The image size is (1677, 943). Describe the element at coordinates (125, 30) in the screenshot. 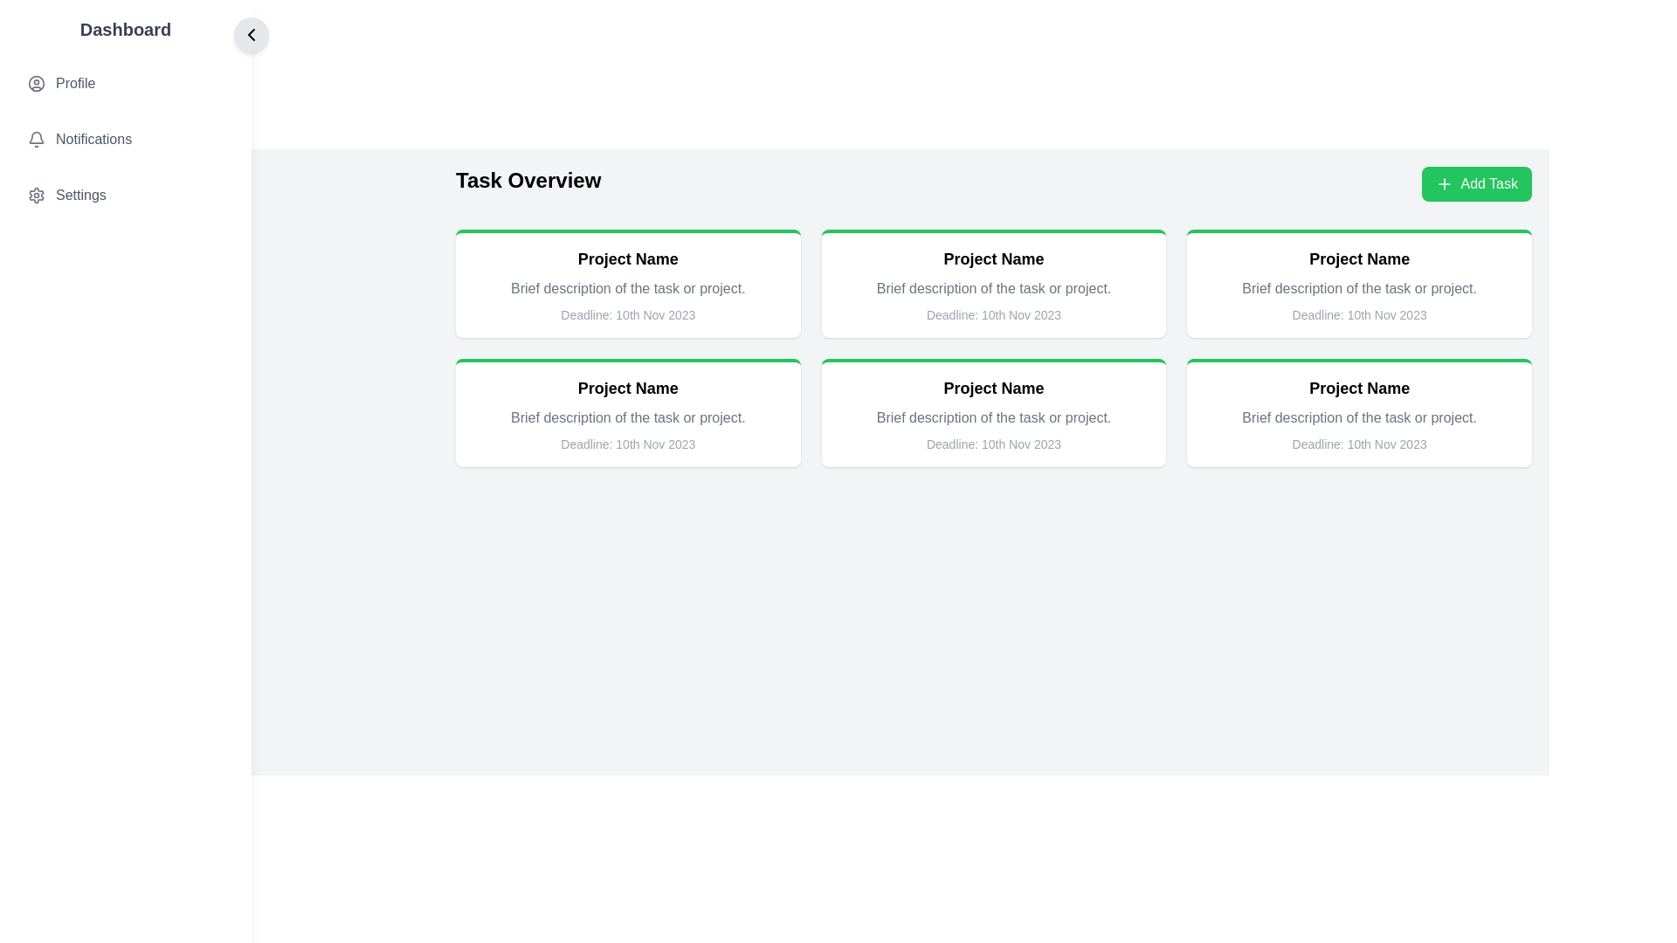

I see `text label indicating the current page context as 'Dashboard' located at the top left corner of the sidebar above the 'Profile' menu item` at that location.